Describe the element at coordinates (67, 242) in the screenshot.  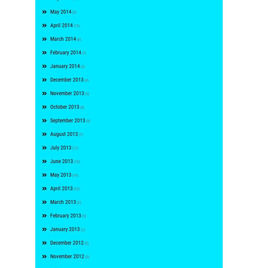
I see `'December 2012'` at that location.